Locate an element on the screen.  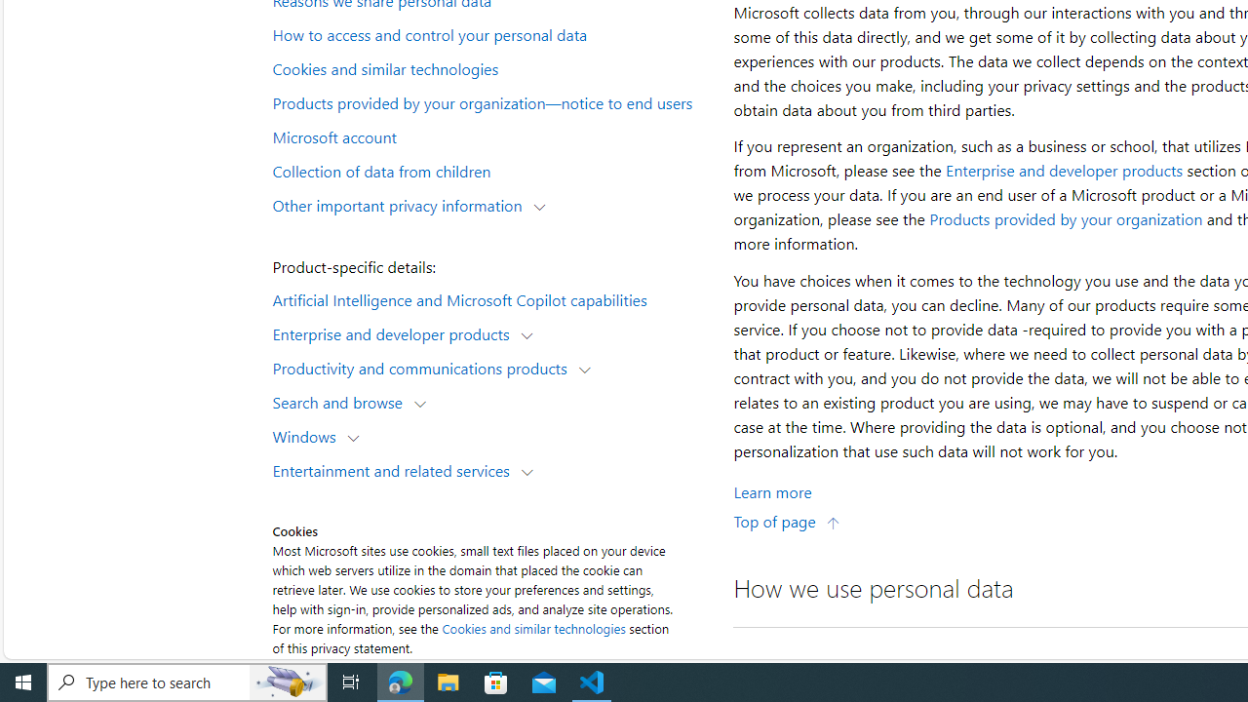
'Productivity and communications products' is located at coordinates (423, 367).